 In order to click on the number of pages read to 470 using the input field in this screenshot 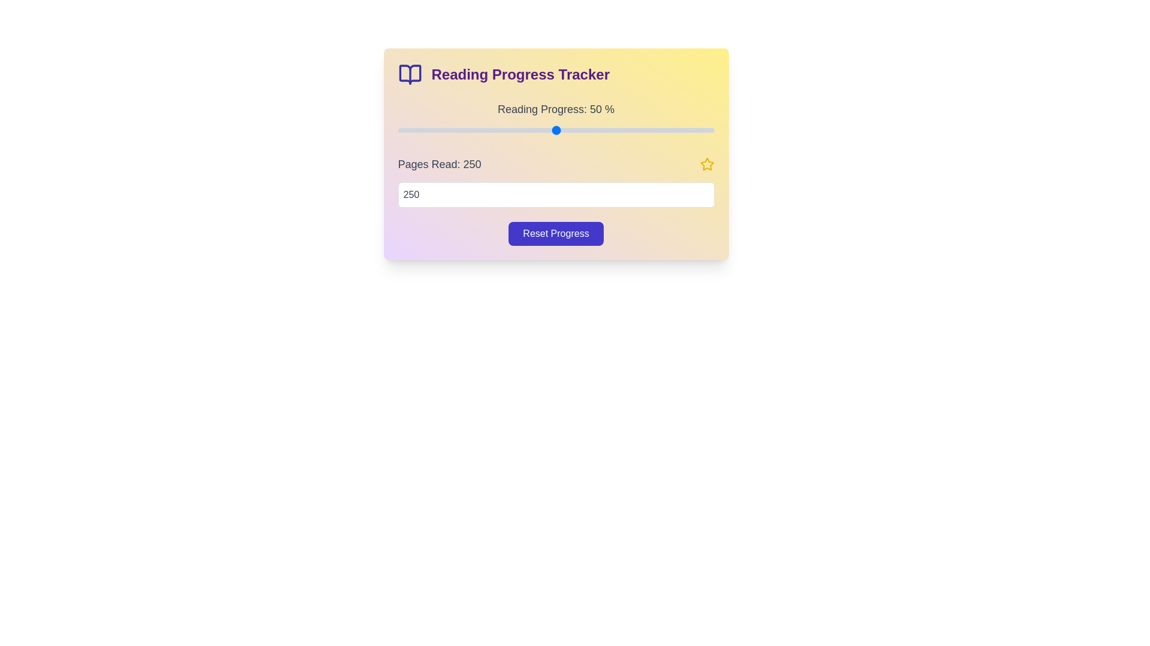, I will do `click(555, 194)`.